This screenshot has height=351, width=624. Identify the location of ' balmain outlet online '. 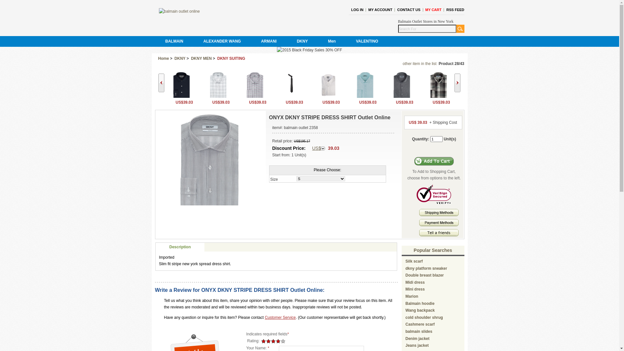
(179, 11).